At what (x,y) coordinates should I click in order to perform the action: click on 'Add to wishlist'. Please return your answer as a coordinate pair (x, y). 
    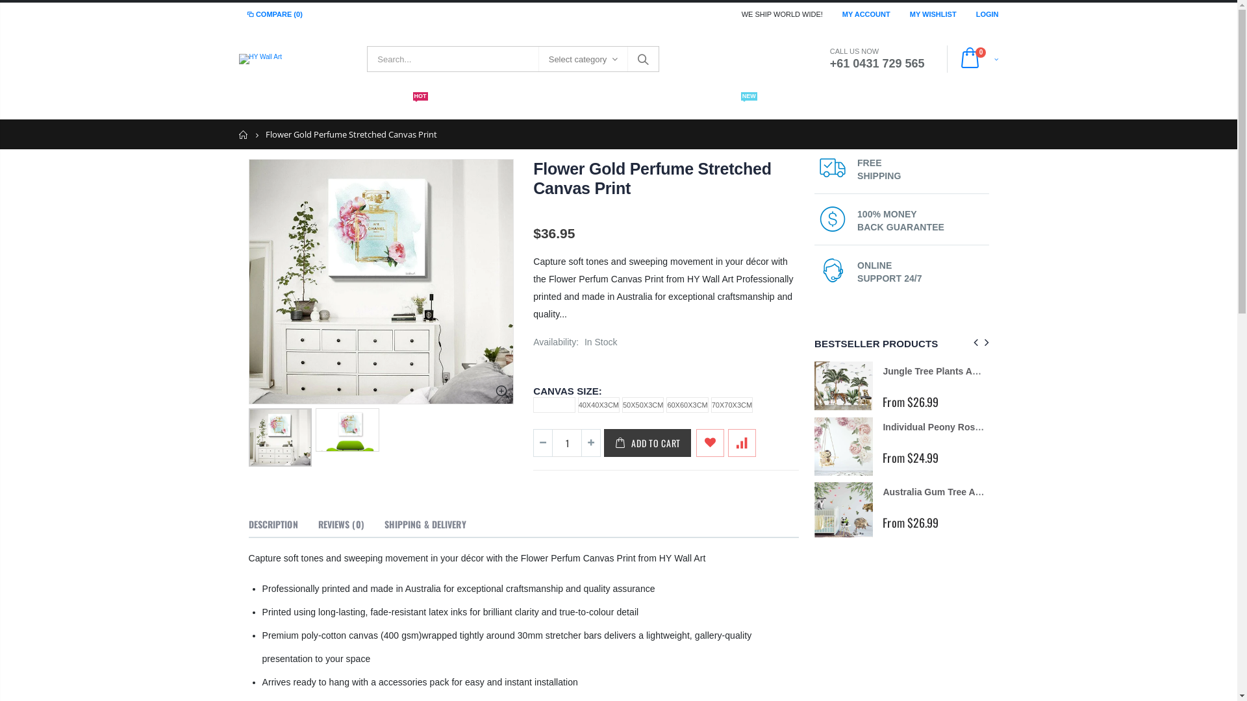
    Looking at the image, I should click on (709, 442).